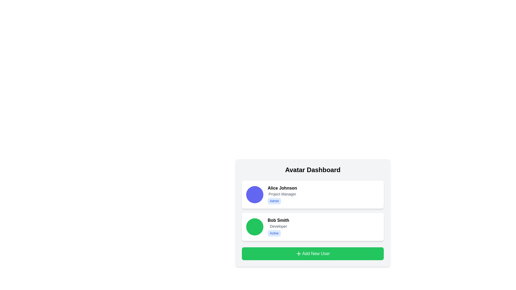 This screenshot has height=290, width=516. What do you see at coordinates (282, 194) in the screenshot?
I see `the 'Project Manager' text label, which is styled in gray and located within the user information card on the Avatar Dashboard, positioned below 'Alice Johnson' and above 'Admin'` at bounding box center [282, 194].